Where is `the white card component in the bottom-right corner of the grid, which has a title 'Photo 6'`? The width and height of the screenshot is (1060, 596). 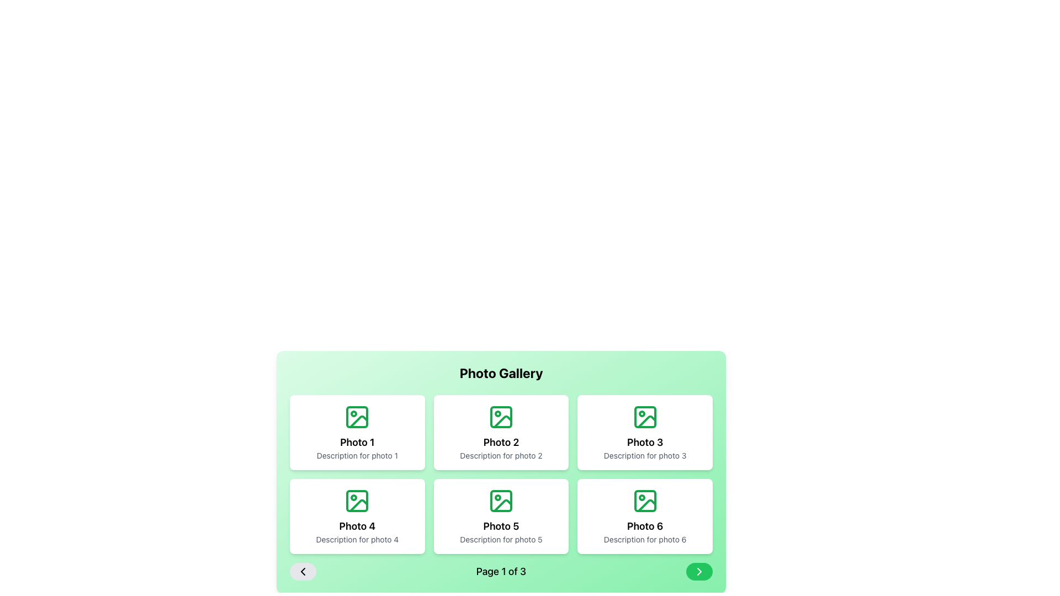
the white card component in the bottom-right corner of the grid, which has a title 'Photo 6' is located at coordinates (645, 517).